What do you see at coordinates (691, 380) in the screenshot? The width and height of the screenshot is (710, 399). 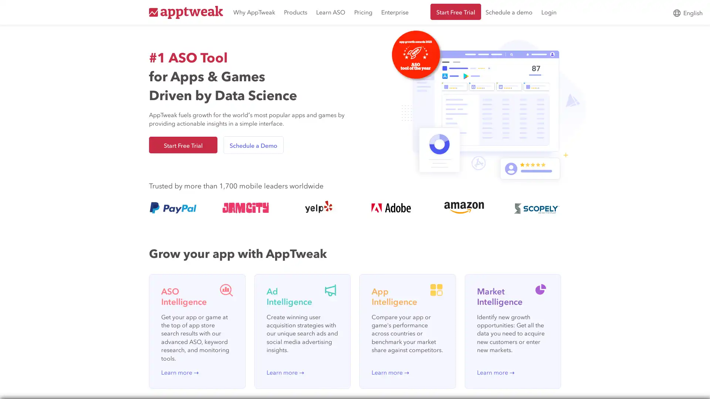 I see `Open Intercom Messenger` at bounding box center [691, 380].